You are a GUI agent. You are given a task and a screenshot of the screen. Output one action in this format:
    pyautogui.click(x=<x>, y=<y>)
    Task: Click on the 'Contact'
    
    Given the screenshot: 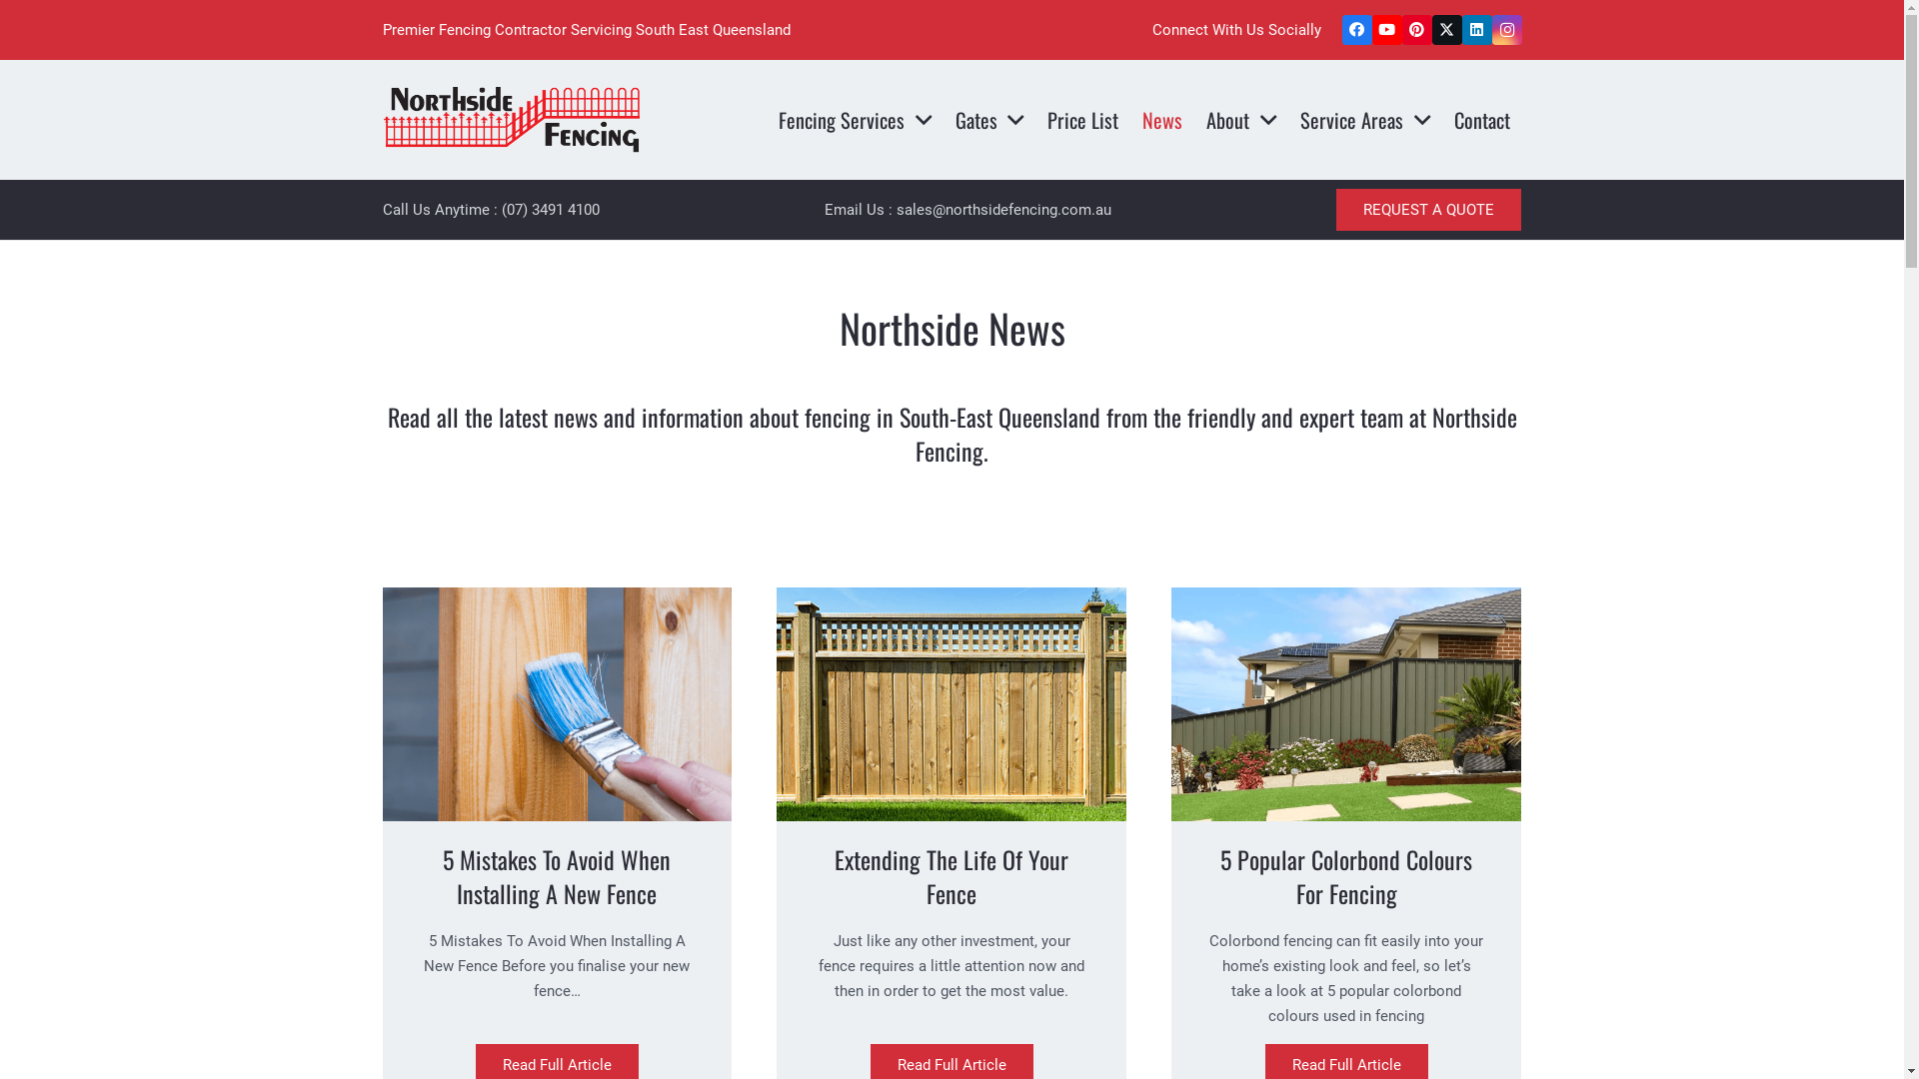 What is the action you would take?
    pyautogui.click(x=1442, y=119)
    